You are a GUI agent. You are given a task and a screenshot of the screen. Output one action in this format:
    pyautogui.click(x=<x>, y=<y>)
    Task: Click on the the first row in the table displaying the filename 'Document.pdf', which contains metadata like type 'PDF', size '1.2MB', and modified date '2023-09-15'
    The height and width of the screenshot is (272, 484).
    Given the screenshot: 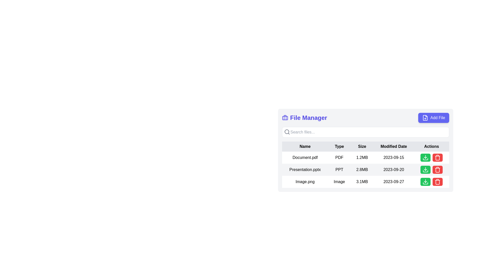 What is the action you would take?
    pyautogui.click(x=366, y=157)
    